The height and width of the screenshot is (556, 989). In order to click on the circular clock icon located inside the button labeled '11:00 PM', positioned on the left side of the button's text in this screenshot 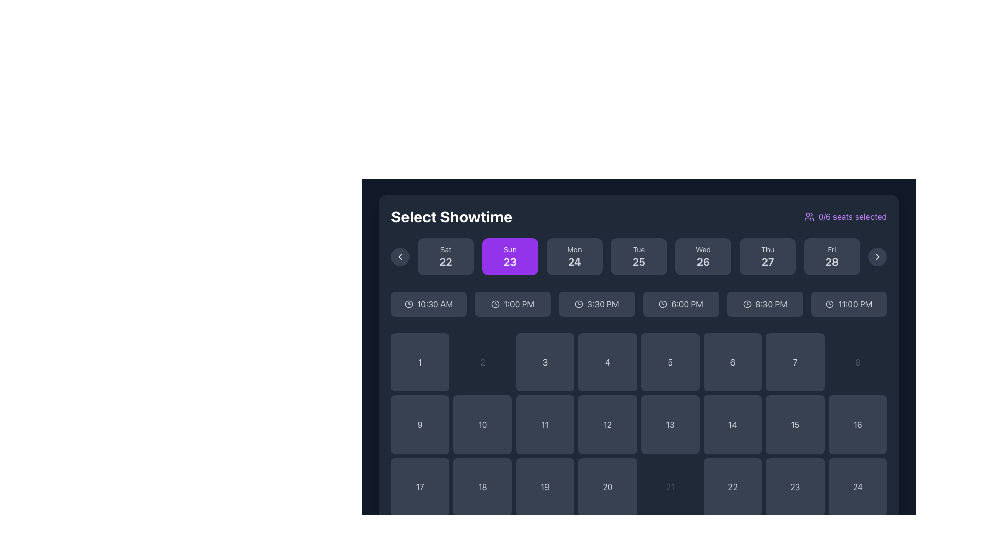, I will do `click(830, 303)`.